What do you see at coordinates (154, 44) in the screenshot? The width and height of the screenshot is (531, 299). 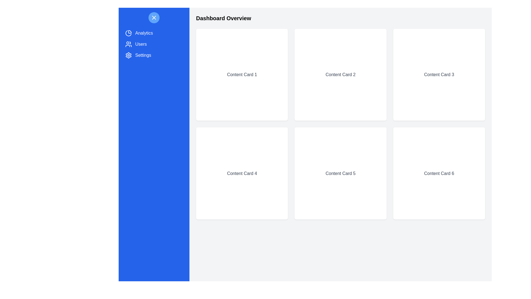 I see `the Users section in the navigation drawer` at bounding box center [154, 44].